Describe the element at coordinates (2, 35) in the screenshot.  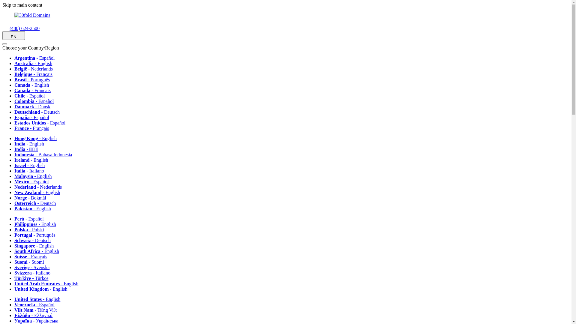
I see `'EN'` at that location.